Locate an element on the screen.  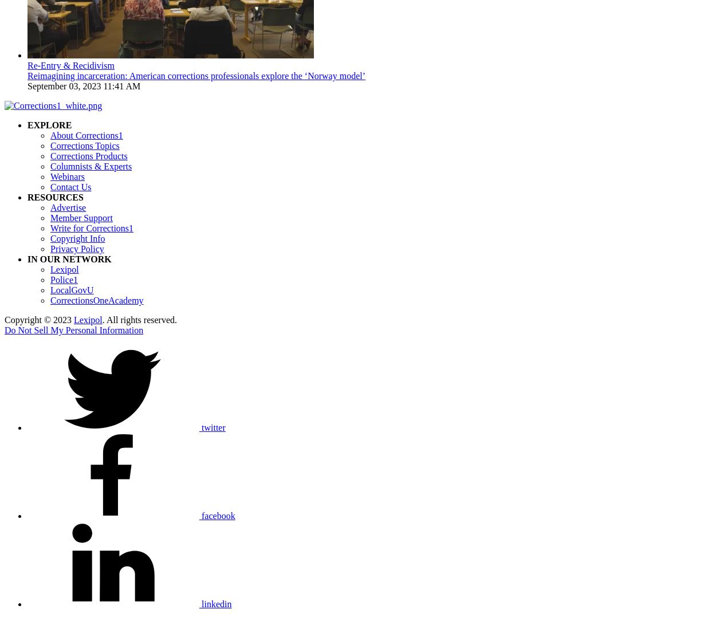
'Copyright © 2023' is located at coordinates (38, 320).